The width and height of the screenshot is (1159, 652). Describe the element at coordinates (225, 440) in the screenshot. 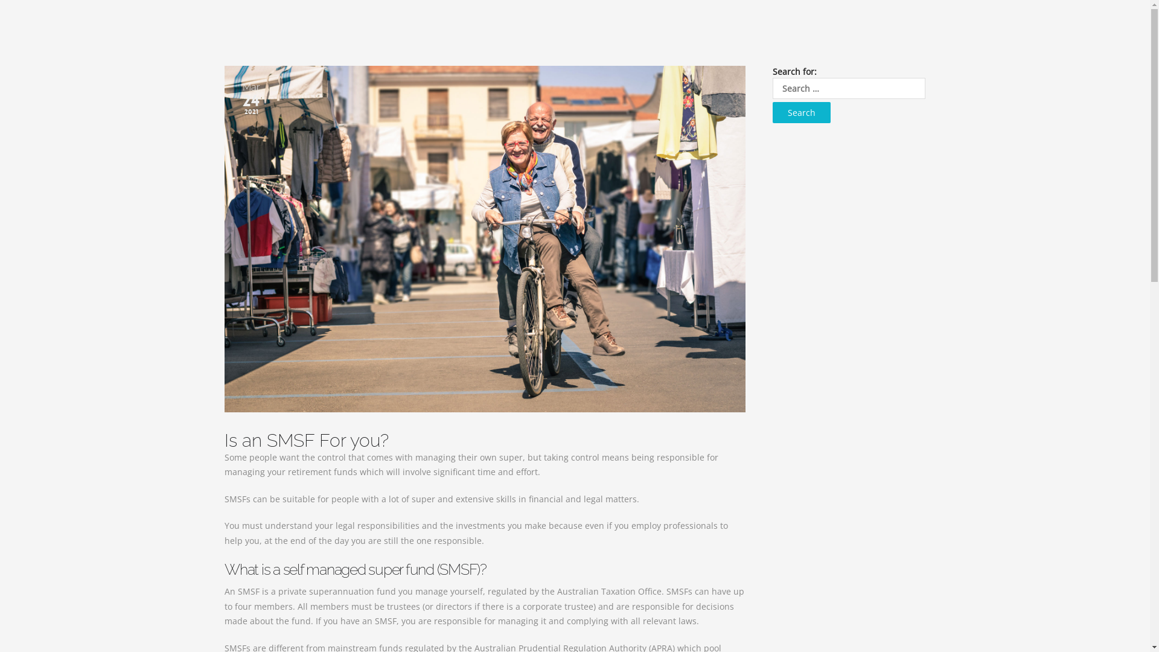

I see `'Is an SMSF For you?'` at that location.